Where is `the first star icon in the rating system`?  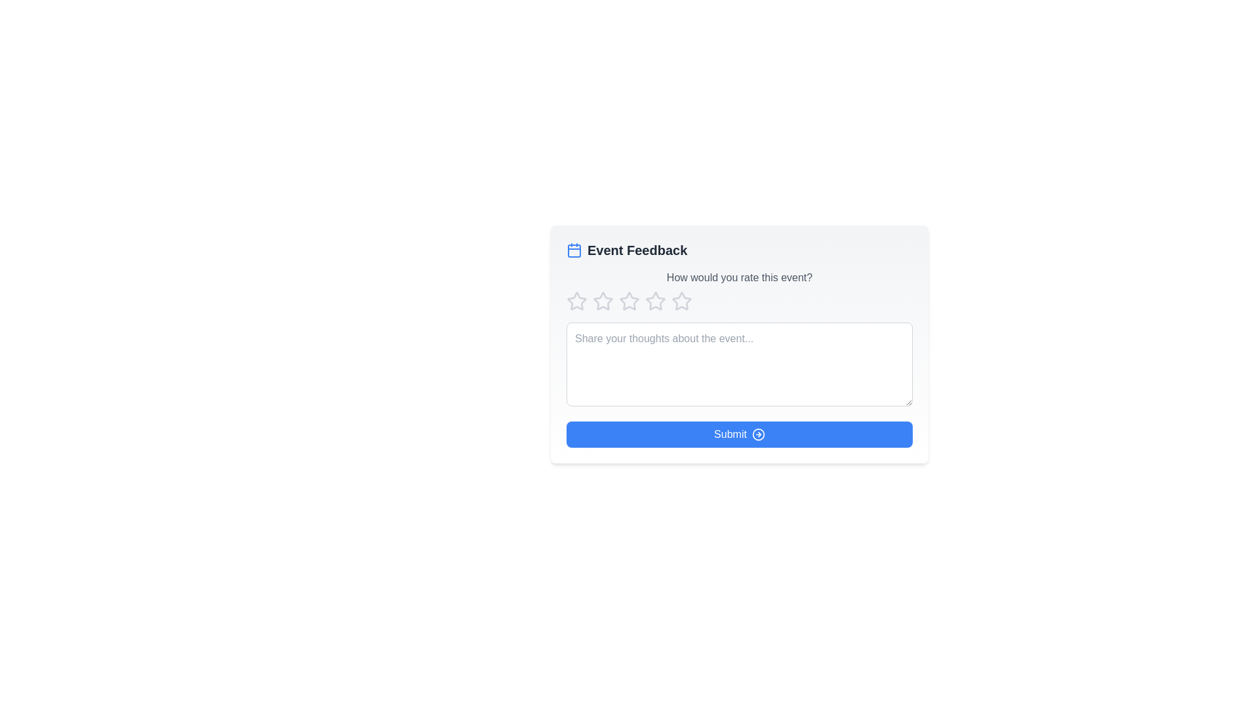 the first star icon in the rating system is located at coordinates (576, 301).